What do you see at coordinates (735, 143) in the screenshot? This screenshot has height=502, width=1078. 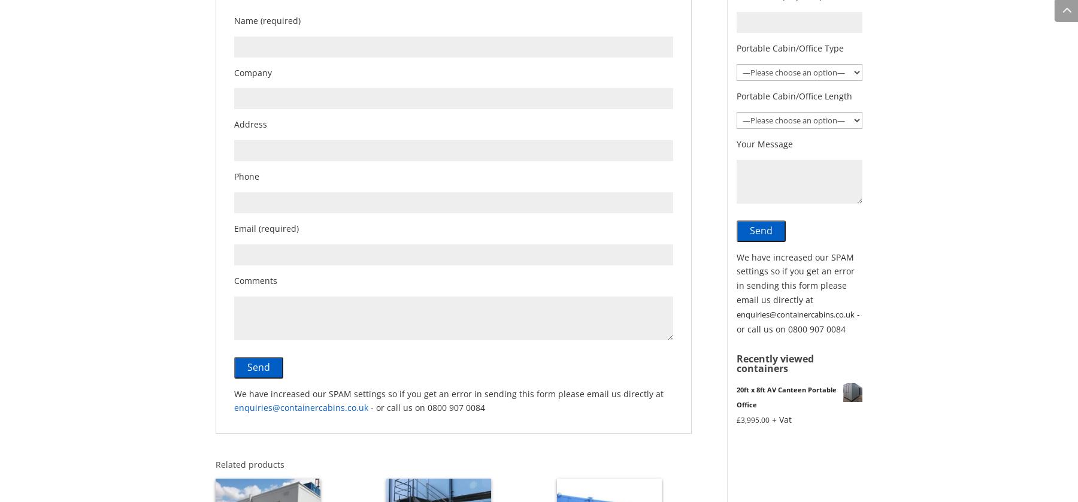 I see `'Your Message'` at bounding box center [735, 143].